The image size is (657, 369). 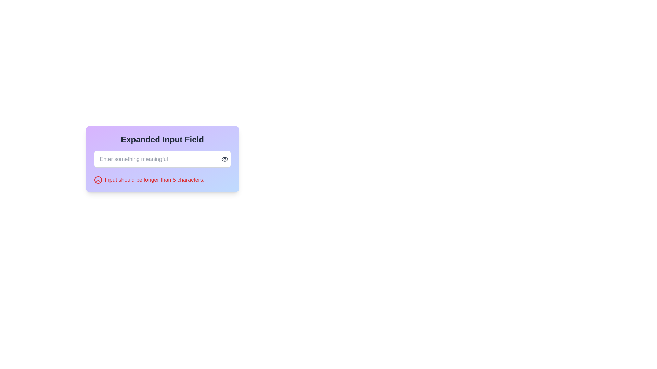 What do you see at coordinates (154, 180) in the screenshot?
I see `the informational text displaying the message 'Input should be longer than 5 characters.' styled in red, located below the input field and adjacent to the sad face icon` at bounding box center [154, 180].